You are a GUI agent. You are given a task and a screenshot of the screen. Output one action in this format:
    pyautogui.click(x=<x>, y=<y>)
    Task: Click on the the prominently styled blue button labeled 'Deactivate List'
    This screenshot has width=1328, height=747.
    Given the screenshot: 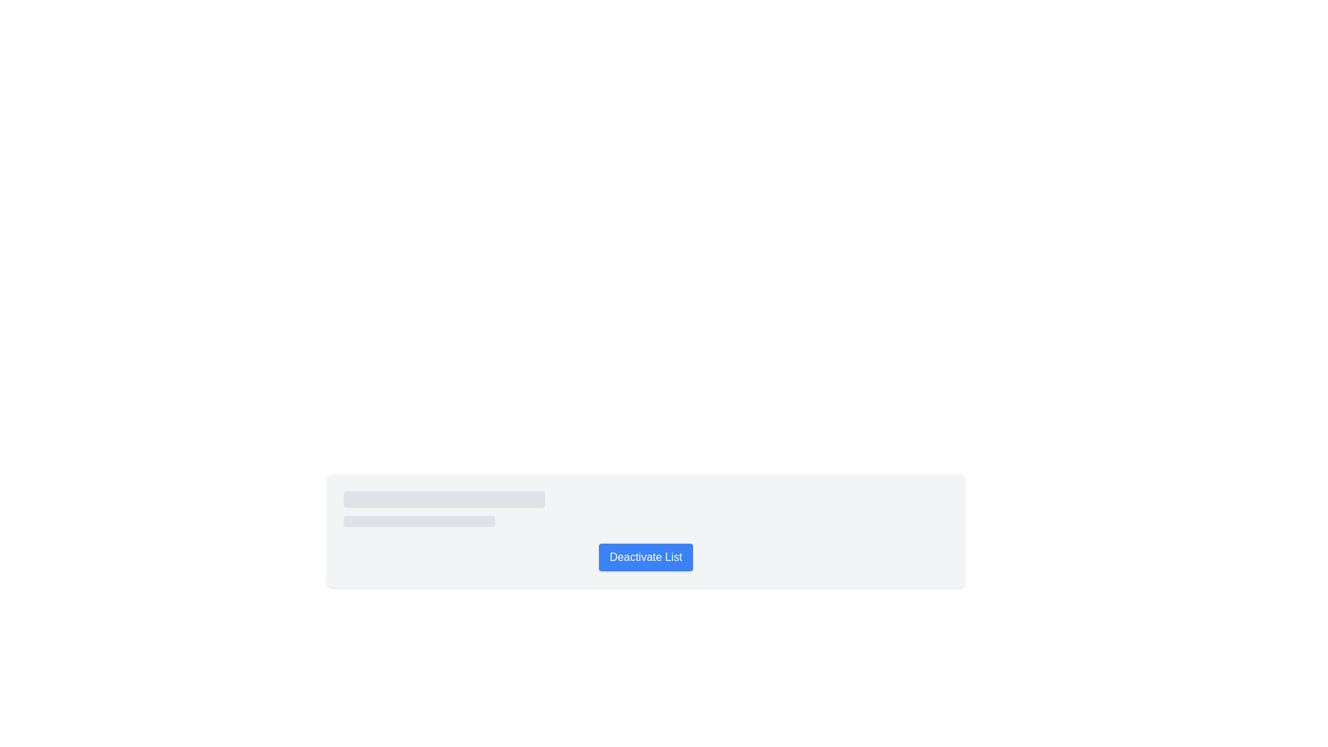 What is the action you would take?
    pyautogui.click(x=645, y=557)
    